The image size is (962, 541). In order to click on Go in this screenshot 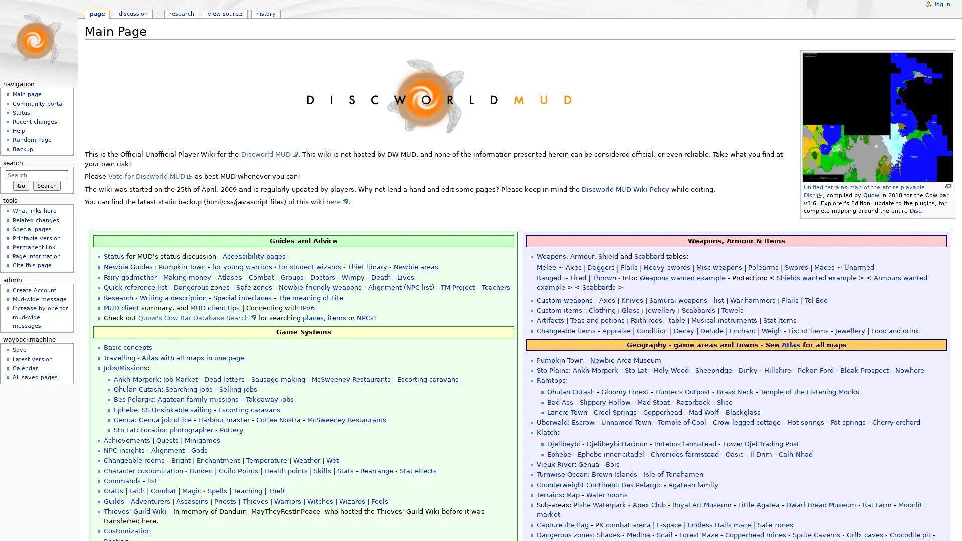, I will do `click(21, 185)`.